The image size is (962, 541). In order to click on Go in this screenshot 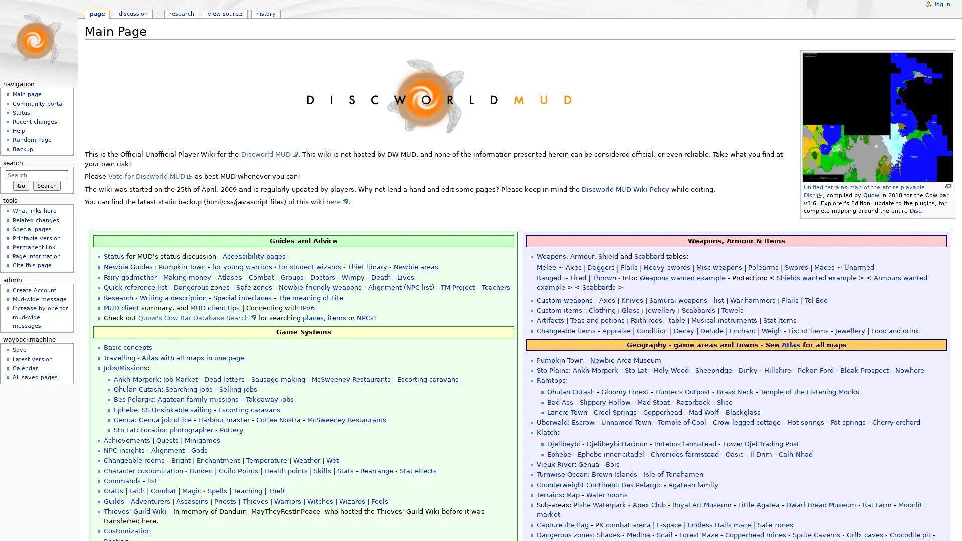, I will do `click(21, 185)`.